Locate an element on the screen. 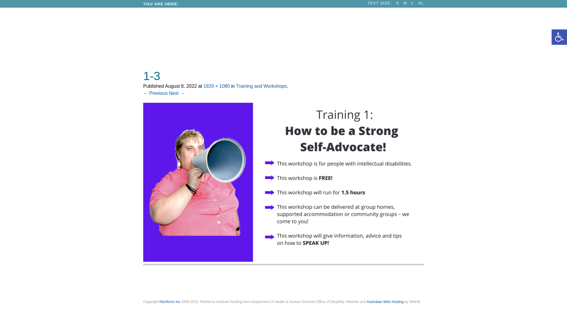  '1-3' is located at coordinates (285, 260).